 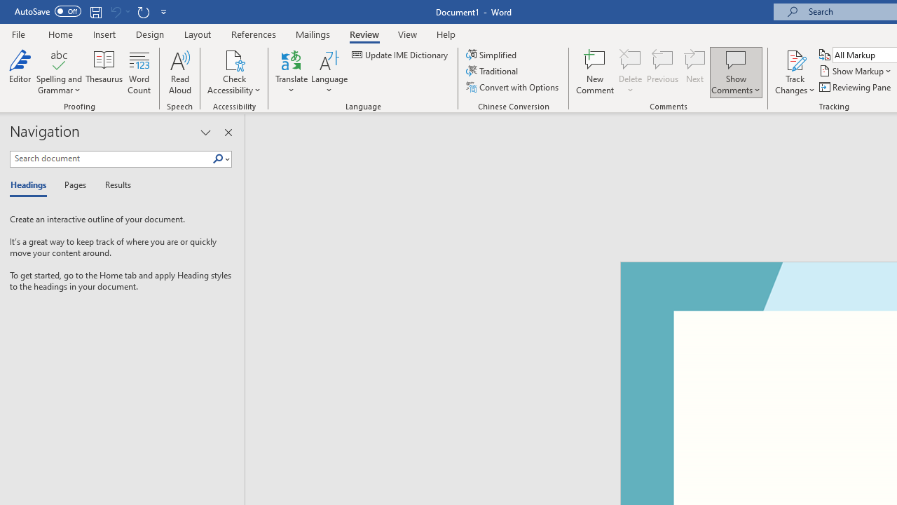 What do you see at coordinates (110, 158) in the screenshot?
I see `'Search document'` at bounding box center [110, 158].